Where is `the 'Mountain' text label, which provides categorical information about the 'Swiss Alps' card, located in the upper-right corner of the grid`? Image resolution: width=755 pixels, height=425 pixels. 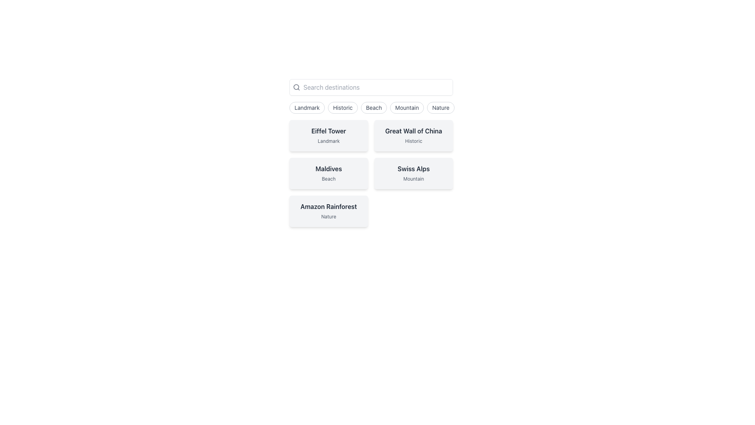 the 'Mountain' text label, which provides categorical information about the 'Swiss Alps' card, located in the upper-right corner of the grid is located at coordinates (413, 179).